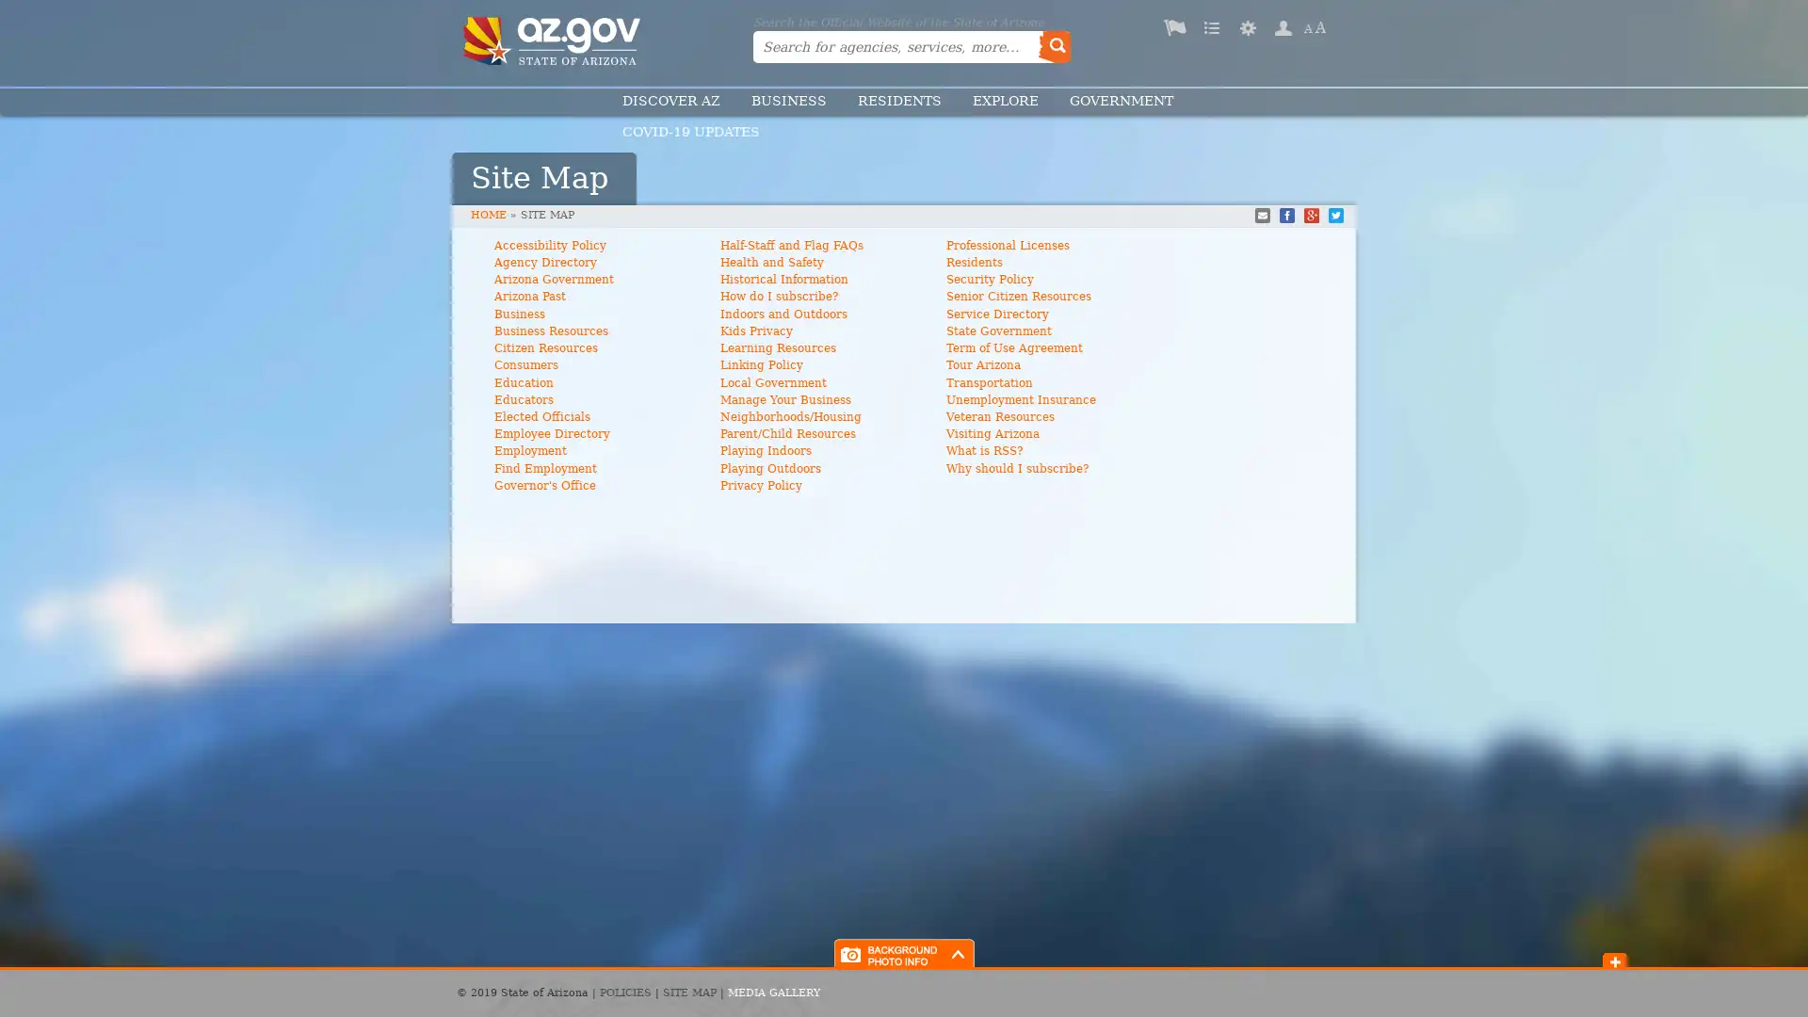  I want to click on Search, so click(1053, 46).